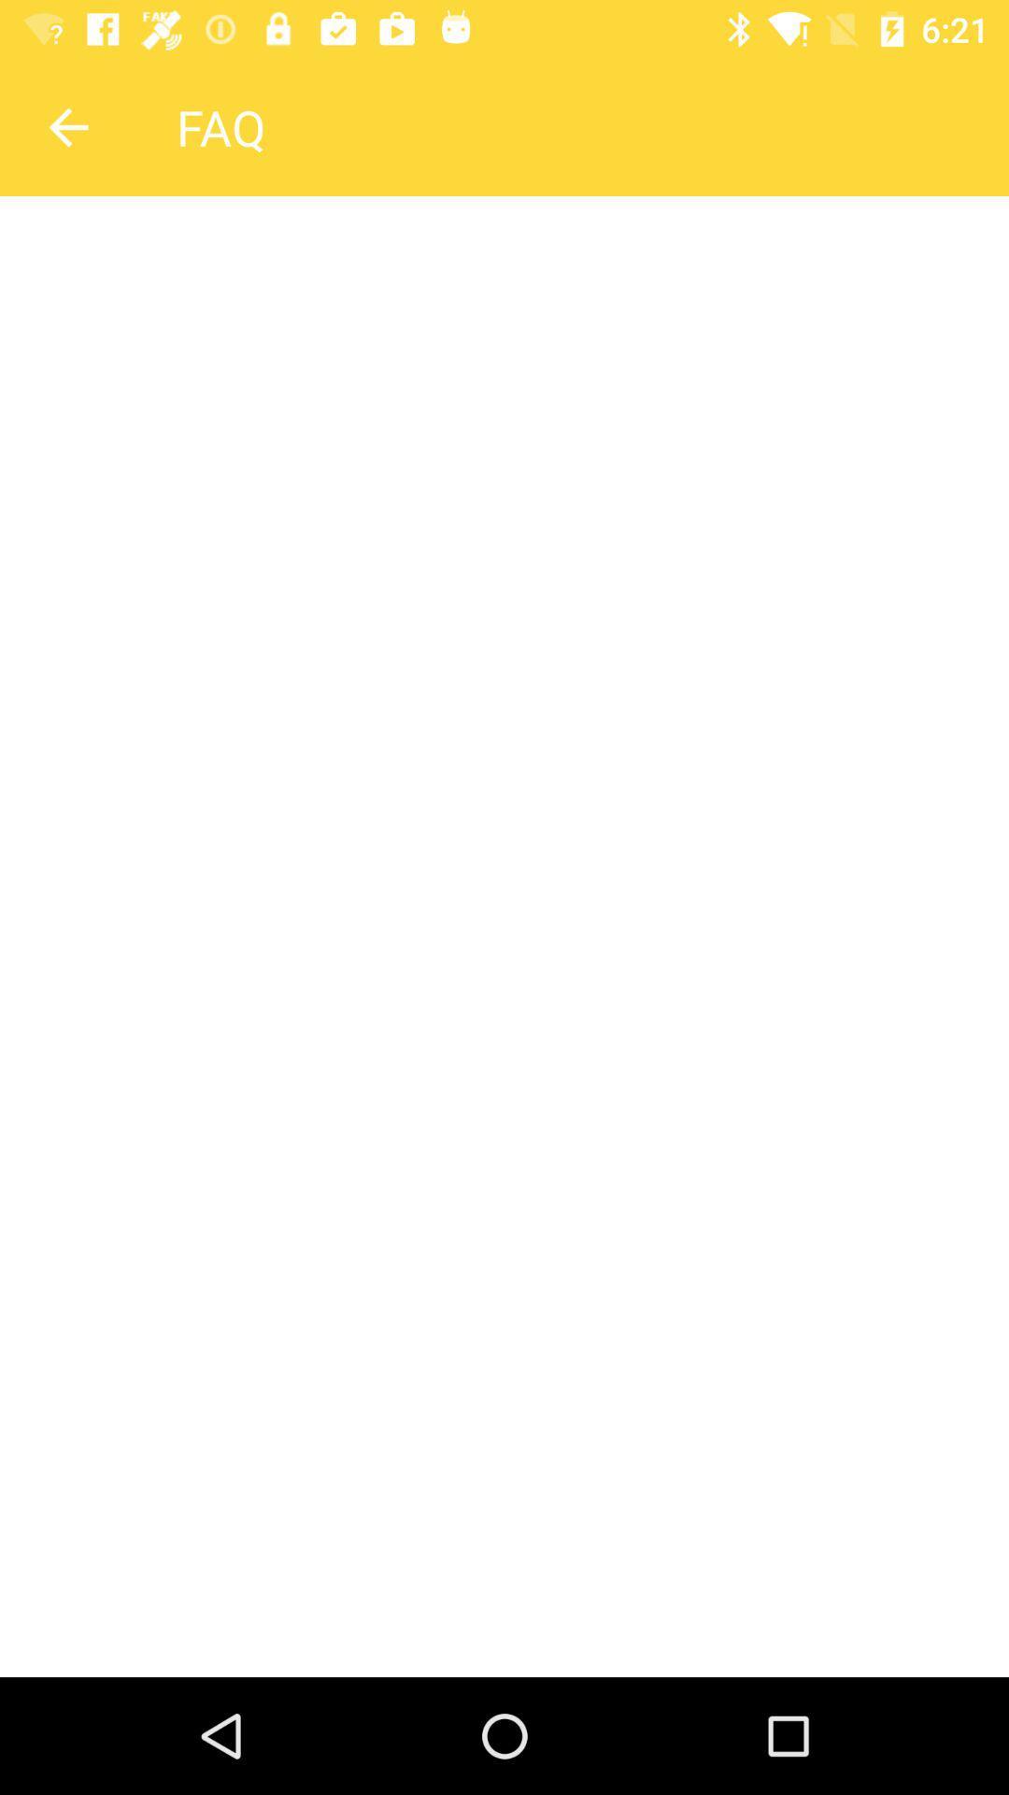  I want to click on icon to the left of faq item, so click(67, 126).